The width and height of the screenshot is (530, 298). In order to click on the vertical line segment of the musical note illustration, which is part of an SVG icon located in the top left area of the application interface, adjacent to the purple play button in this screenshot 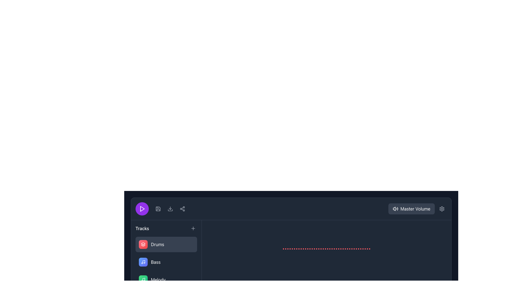, I will do `click(144, 261)`.